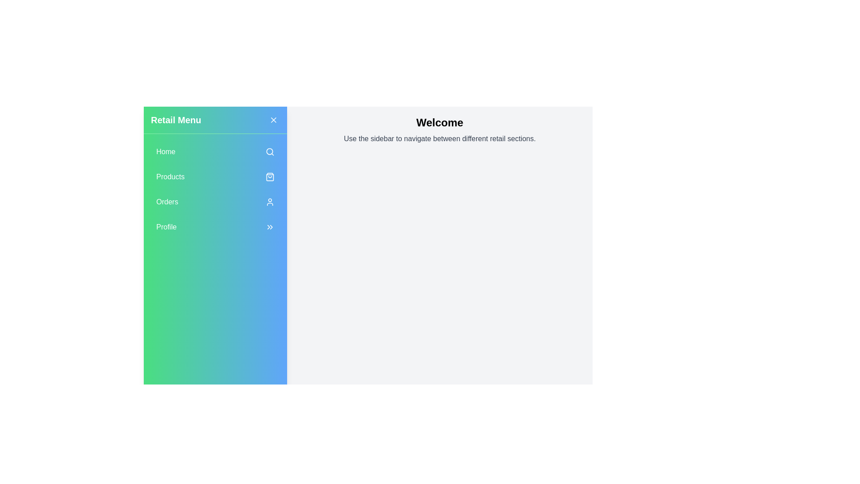 The width and height of the screenshot is (860, 484). Describe the element at coordinates (270, 151) in the screenshot. I see `the magnifying glass icon located to the right of the 'Home' option in the sidebar menu labeled 'Retail Menu'` at that location.